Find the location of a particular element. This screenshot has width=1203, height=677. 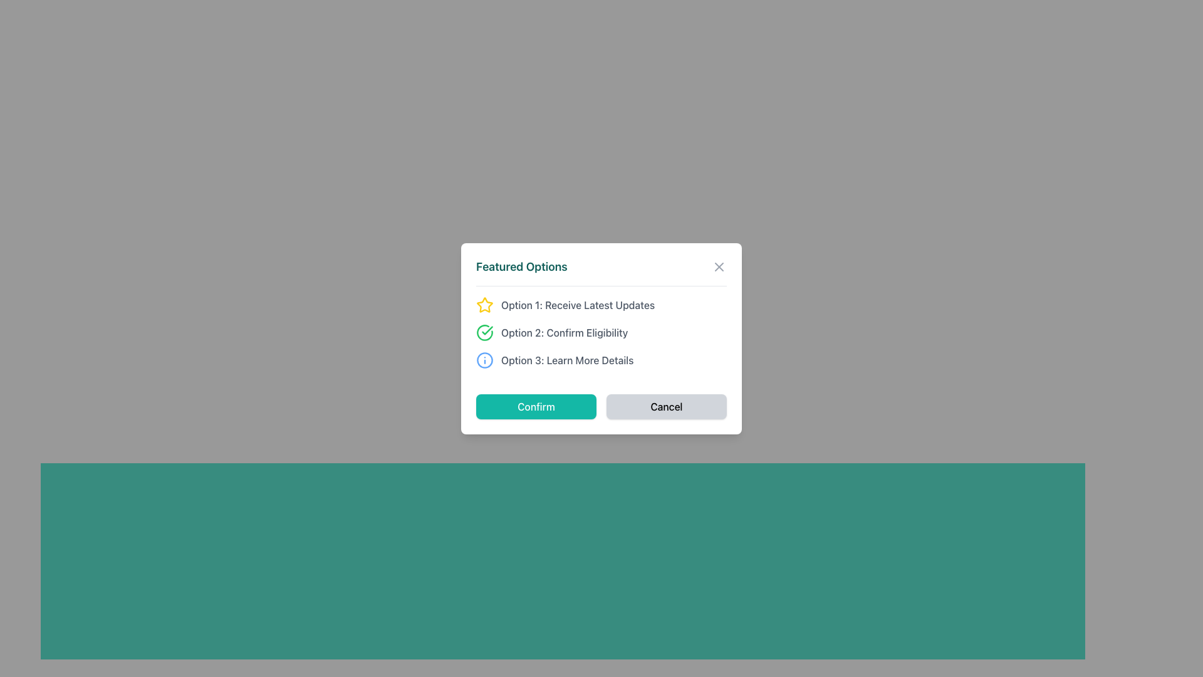

the SVG-based graphical icon representing a visual indicator for a selected or successful action state, located inside the modal under 'Option 2: Confirm Eligibility.' is located at coordinates (486, 330).